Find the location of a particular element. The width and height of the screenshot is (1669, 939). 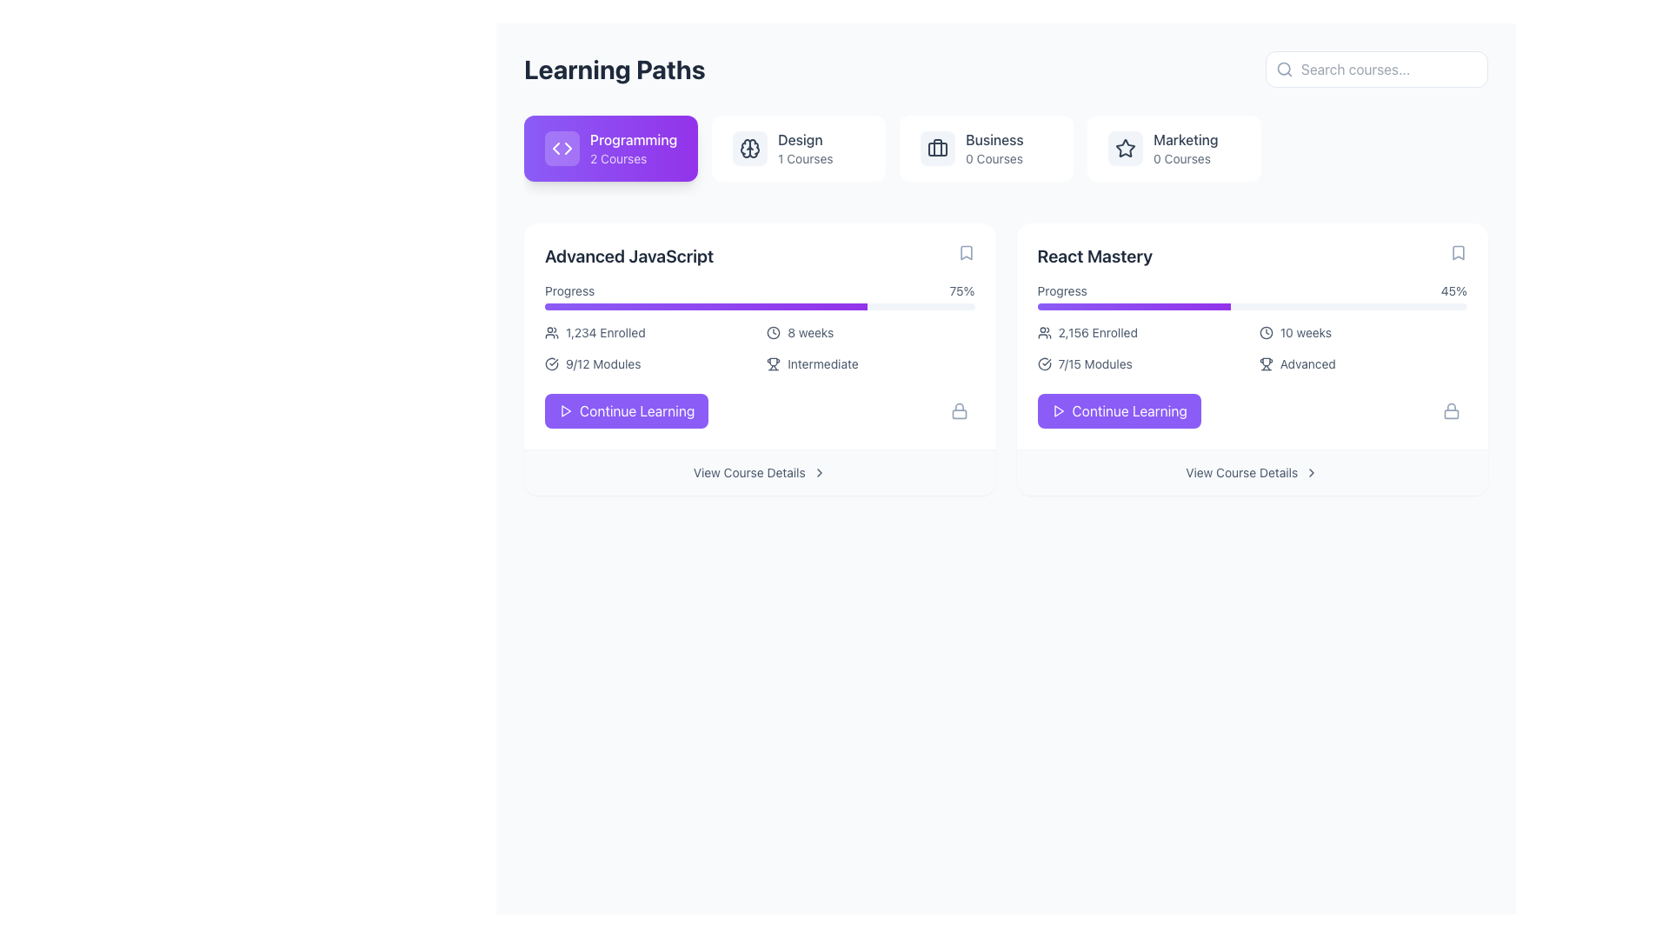

text content of the third informational item in the bottom section of the 'Advanced JavaScript' card, located between the progress bar and the 'Continue Learning' button is located at coordinates (760, 349).